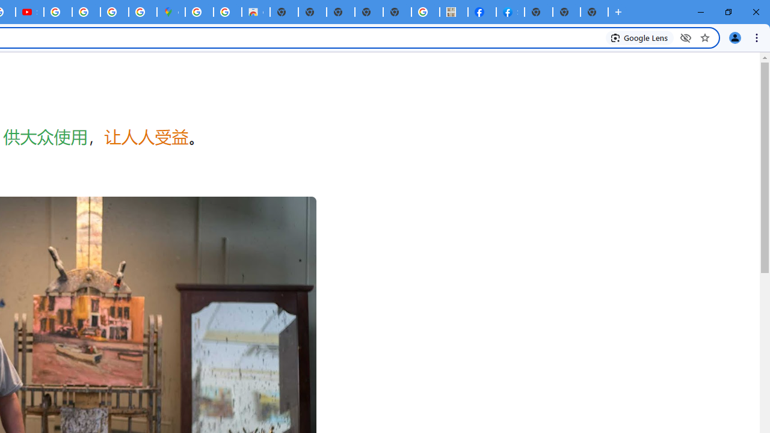  Describe the element at coordinates (639, 37) in the screenshot. I see `'Search with Google Lens'` at that location.